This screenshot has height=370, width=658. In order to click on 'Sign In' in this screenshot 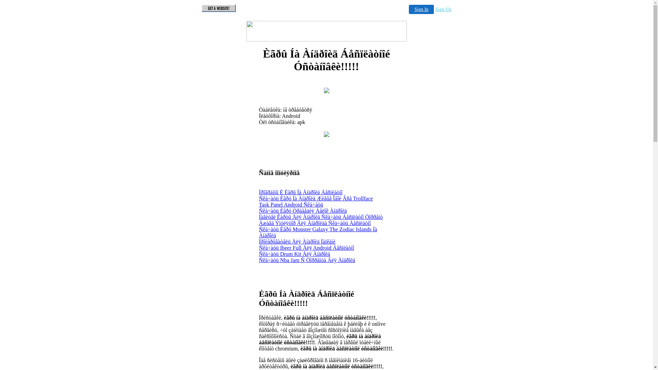, I will do `click(421, 9)`.